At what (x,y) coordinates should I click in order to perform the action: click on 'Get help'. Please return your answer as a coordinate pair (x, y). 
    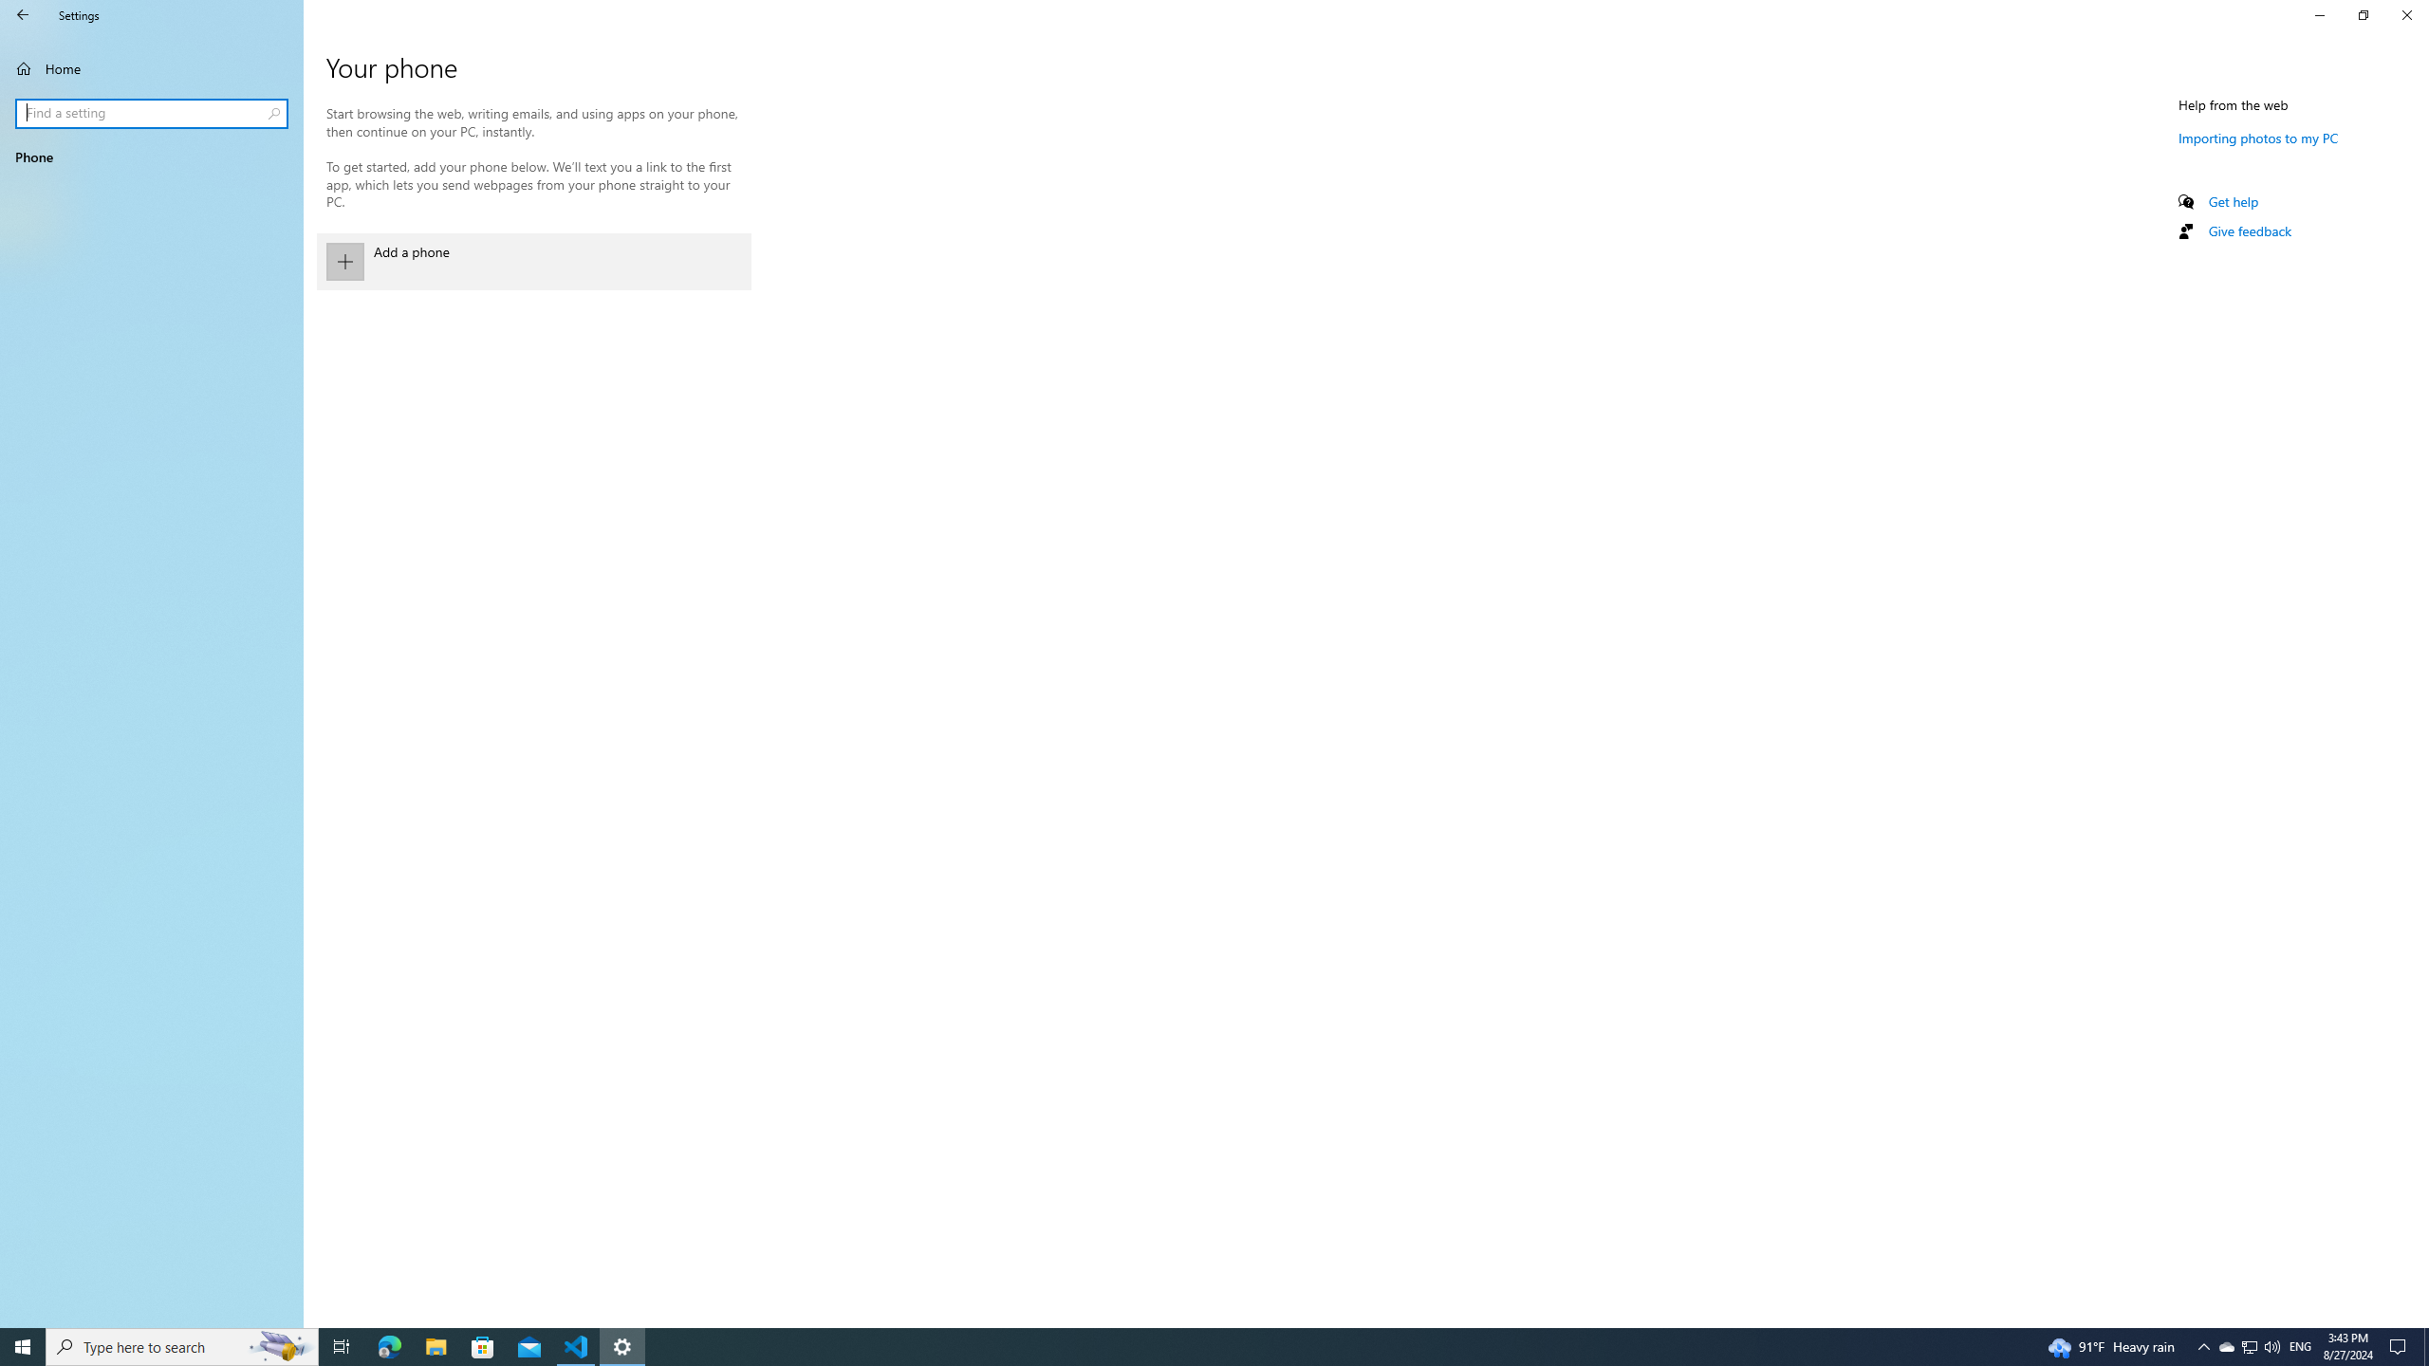
    Looking at the image, I should click on (2232, 200).